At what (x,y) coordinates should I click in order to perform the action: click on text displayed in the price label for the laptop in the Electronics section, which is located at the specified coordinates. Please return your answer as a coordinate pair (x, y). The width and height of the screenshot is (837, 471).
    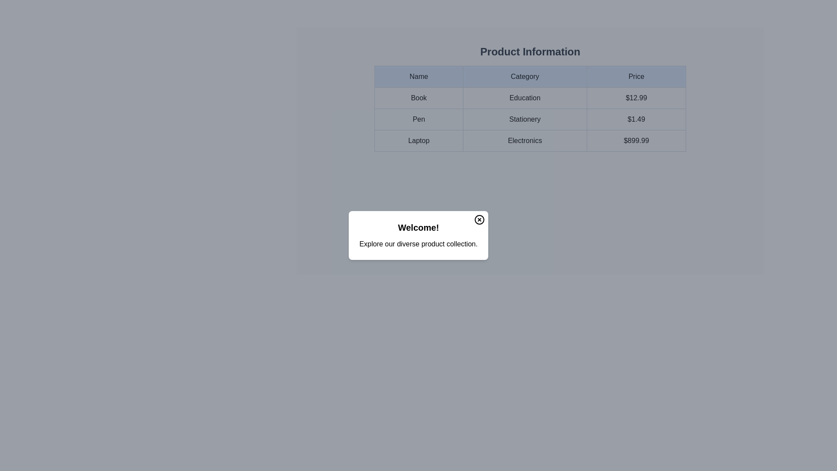
    Looking at the image, I should click on (636, 140).